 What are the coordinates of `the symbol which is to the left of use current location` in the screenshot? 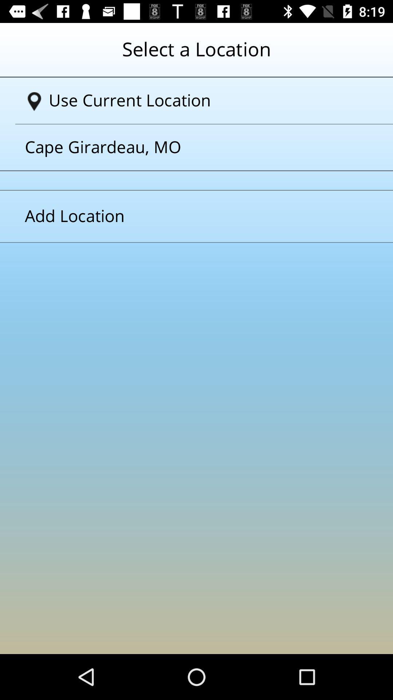 It's located at (34, 101).